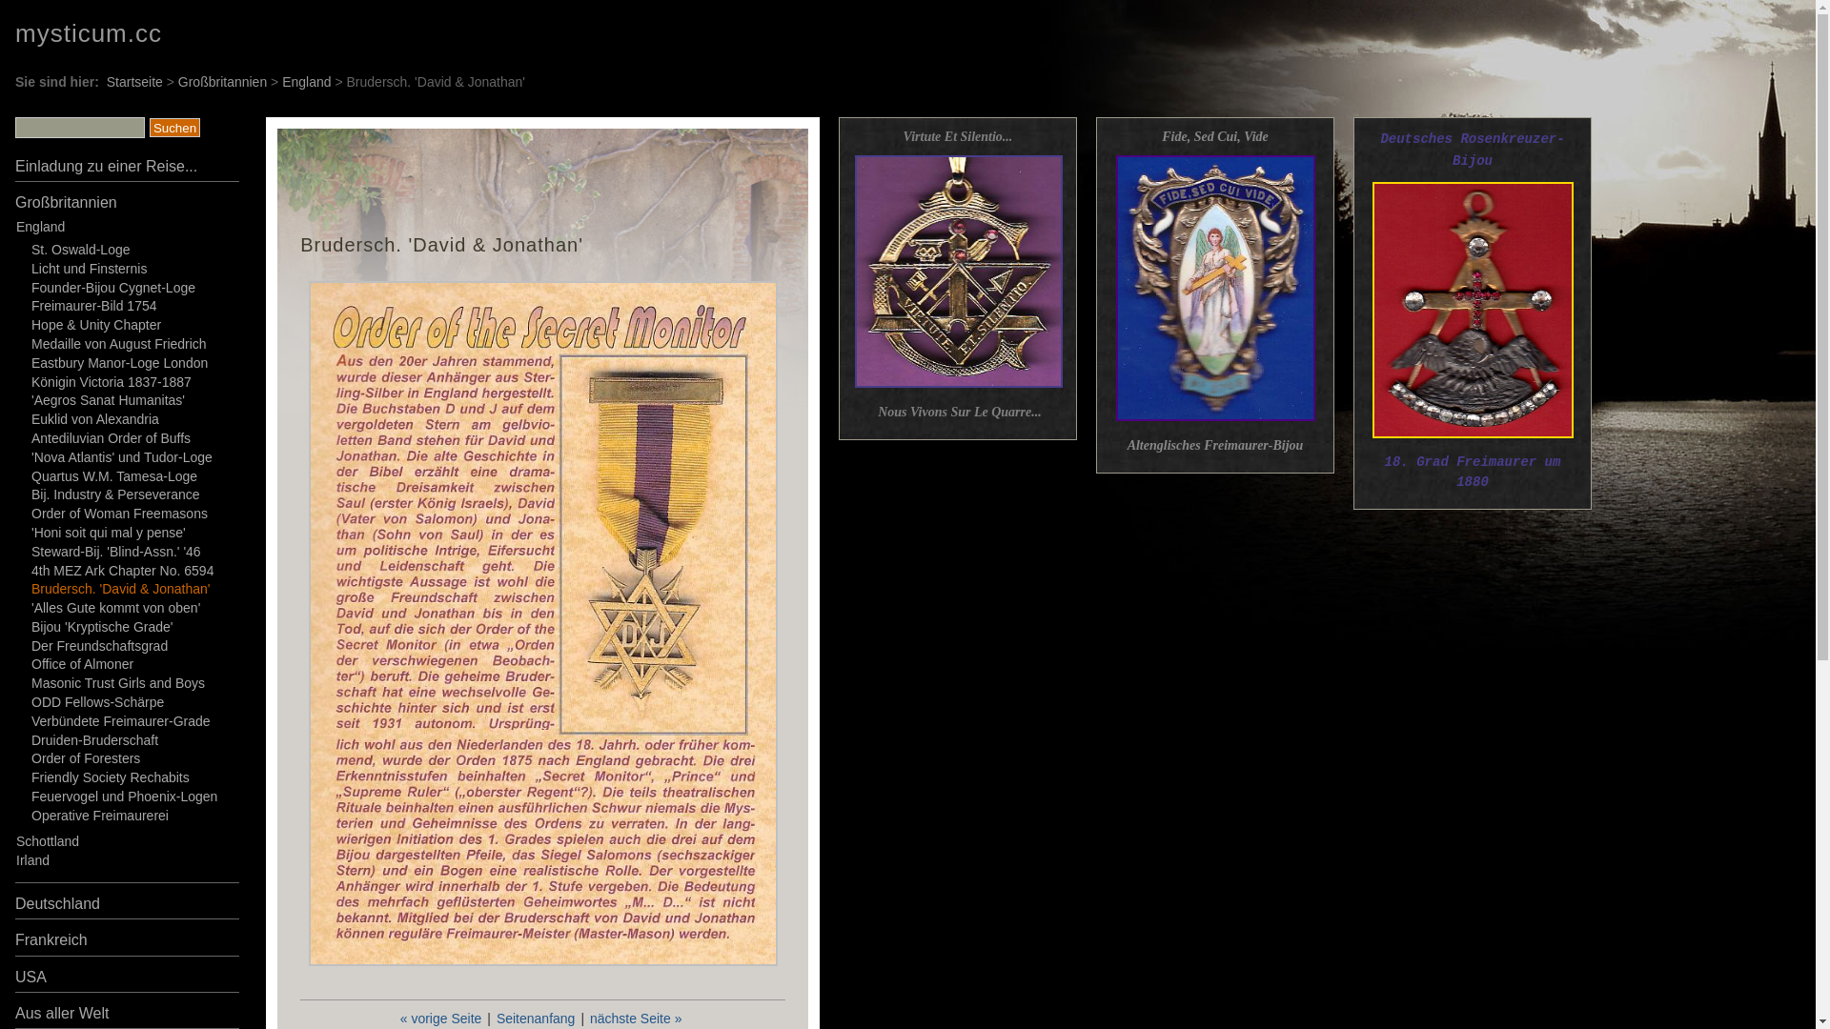  Describe the element at coordinates (81, 663) in the screenshot. I see `'Office of Almoner'` at that location.